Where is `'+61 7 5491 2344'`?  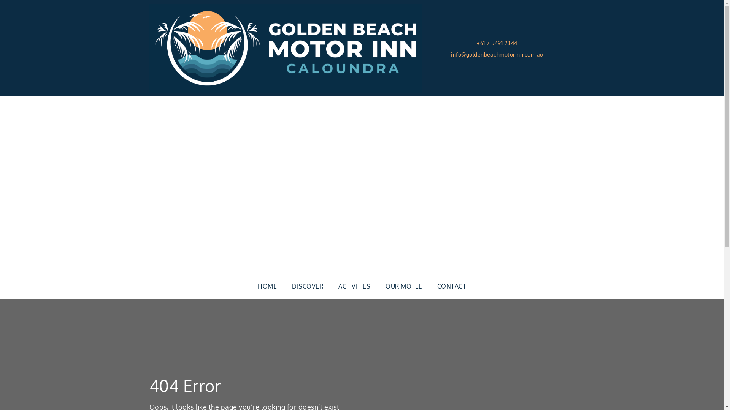 '+61 7 5491 2344' is located at coordinates (497, 43).